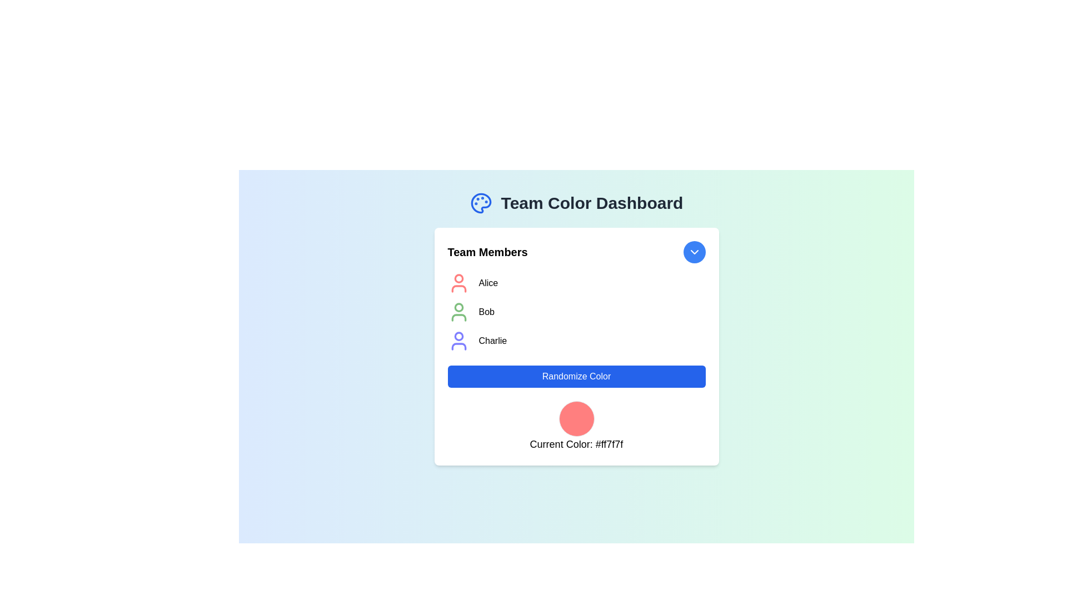  What do you see at coordinates (458, 288) in the screenshot?
I see `the red torso and lower portion of the human figure icon graphic situated beside the text 'Alice' in the 'Team Members' section` at bounding box center [458, 288].